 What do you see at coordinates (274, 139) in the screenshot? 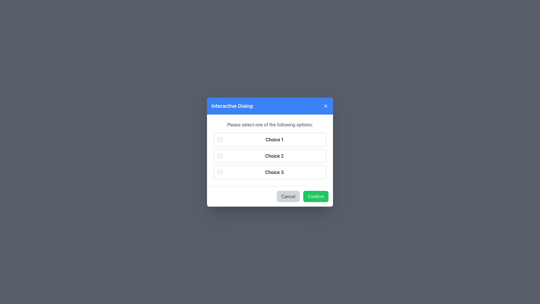
I see `the text label that serves as the first selectable option in a list within a modal dialog, located next to an icon of a circle with a checkmark` at bounding box center [274, 139].